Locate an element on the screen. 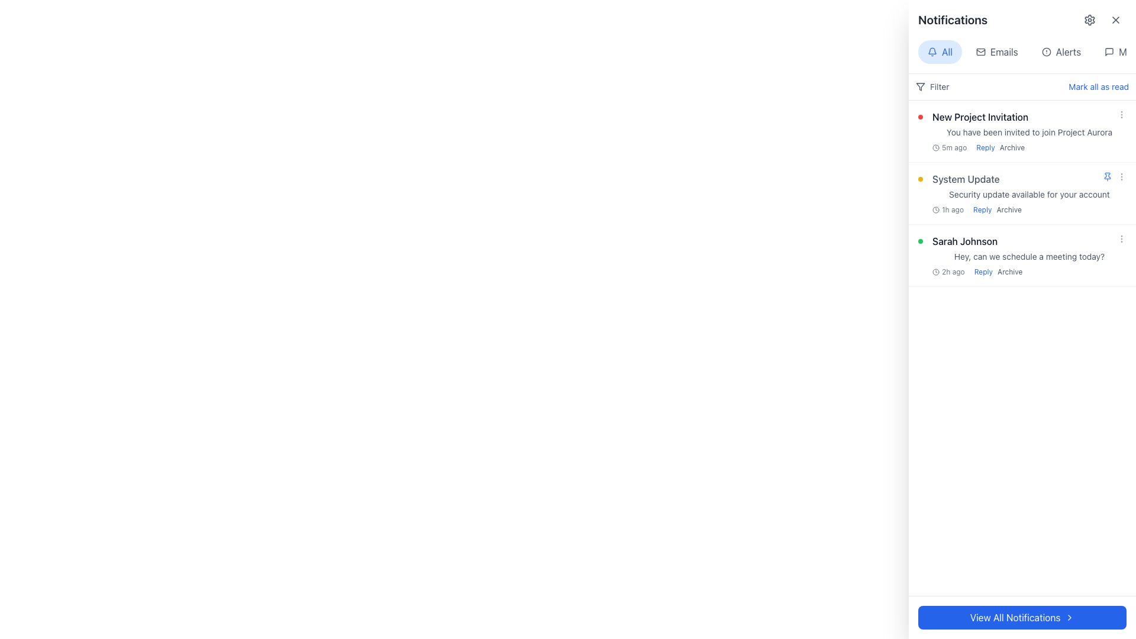 The height and width of the screenshot is (639, 1136). the gear-shaped icon for settings located in the top-right corner of the notification panel, within a rounded button is located at coordinates (1089, 20).